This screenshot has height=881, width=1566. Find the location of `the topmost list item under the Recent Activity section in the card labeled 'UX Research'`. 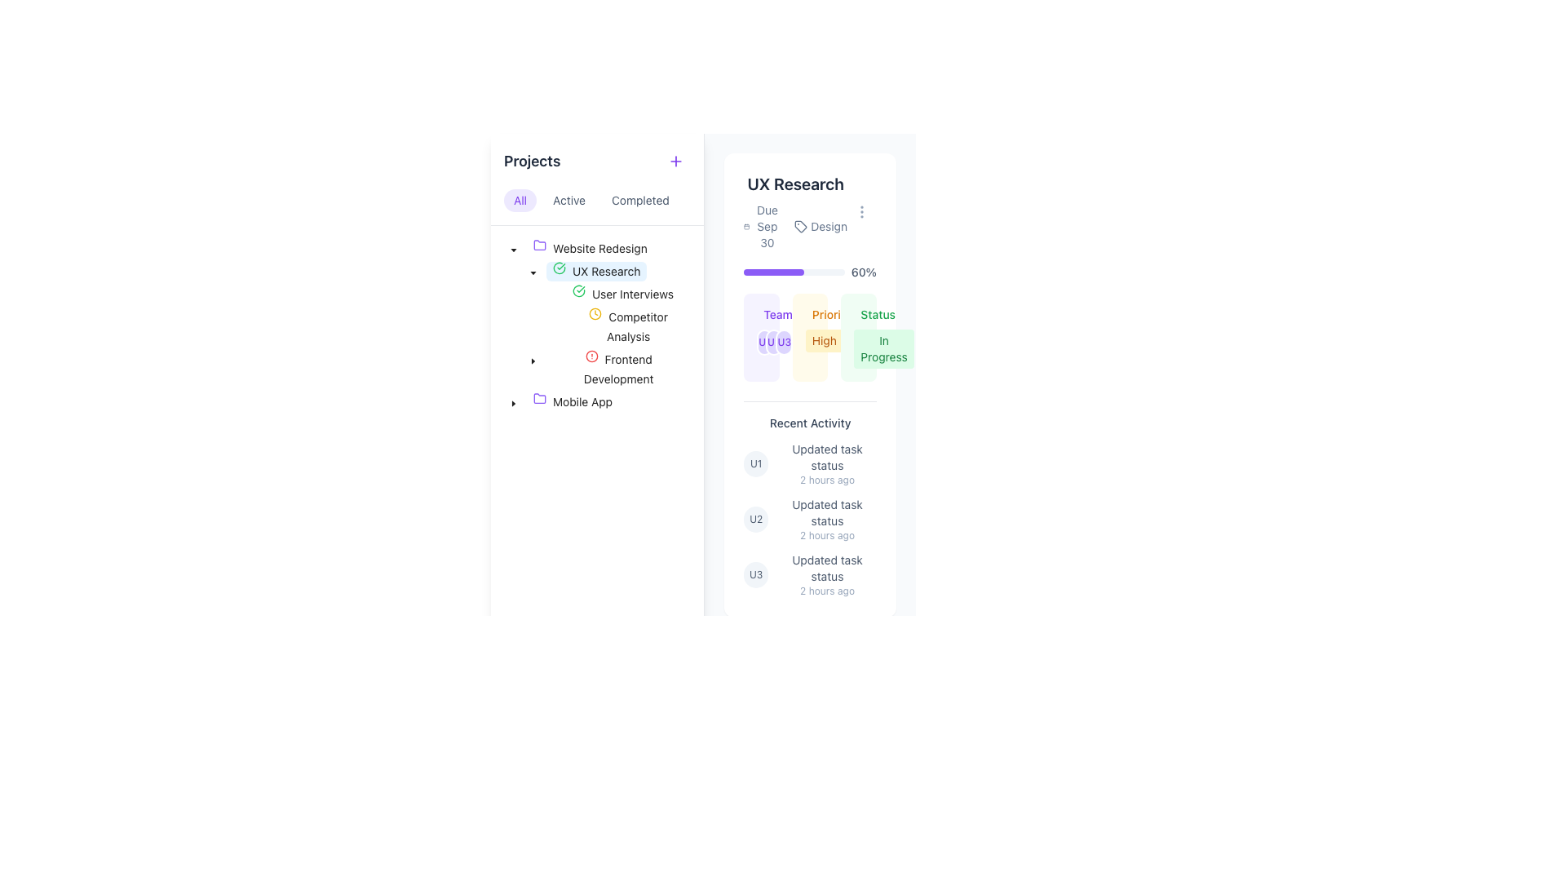

the topmost list item under the Recent Activity section in the card labeled 'UX Research' is located at coordinates (810, 464).